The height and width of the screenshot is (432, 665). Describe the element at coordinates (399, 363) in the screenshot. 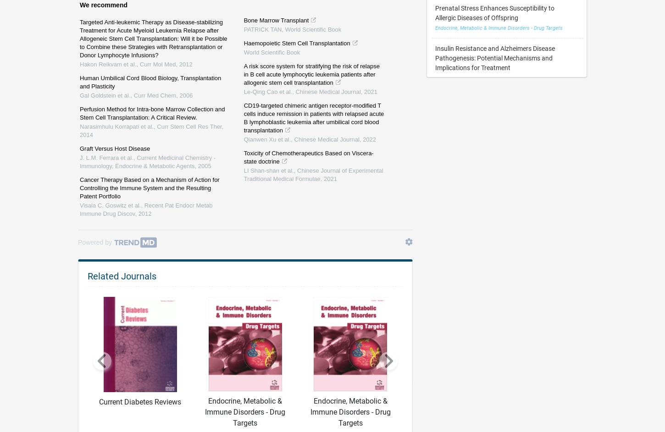

I see `'Submit Articles'` at that location.